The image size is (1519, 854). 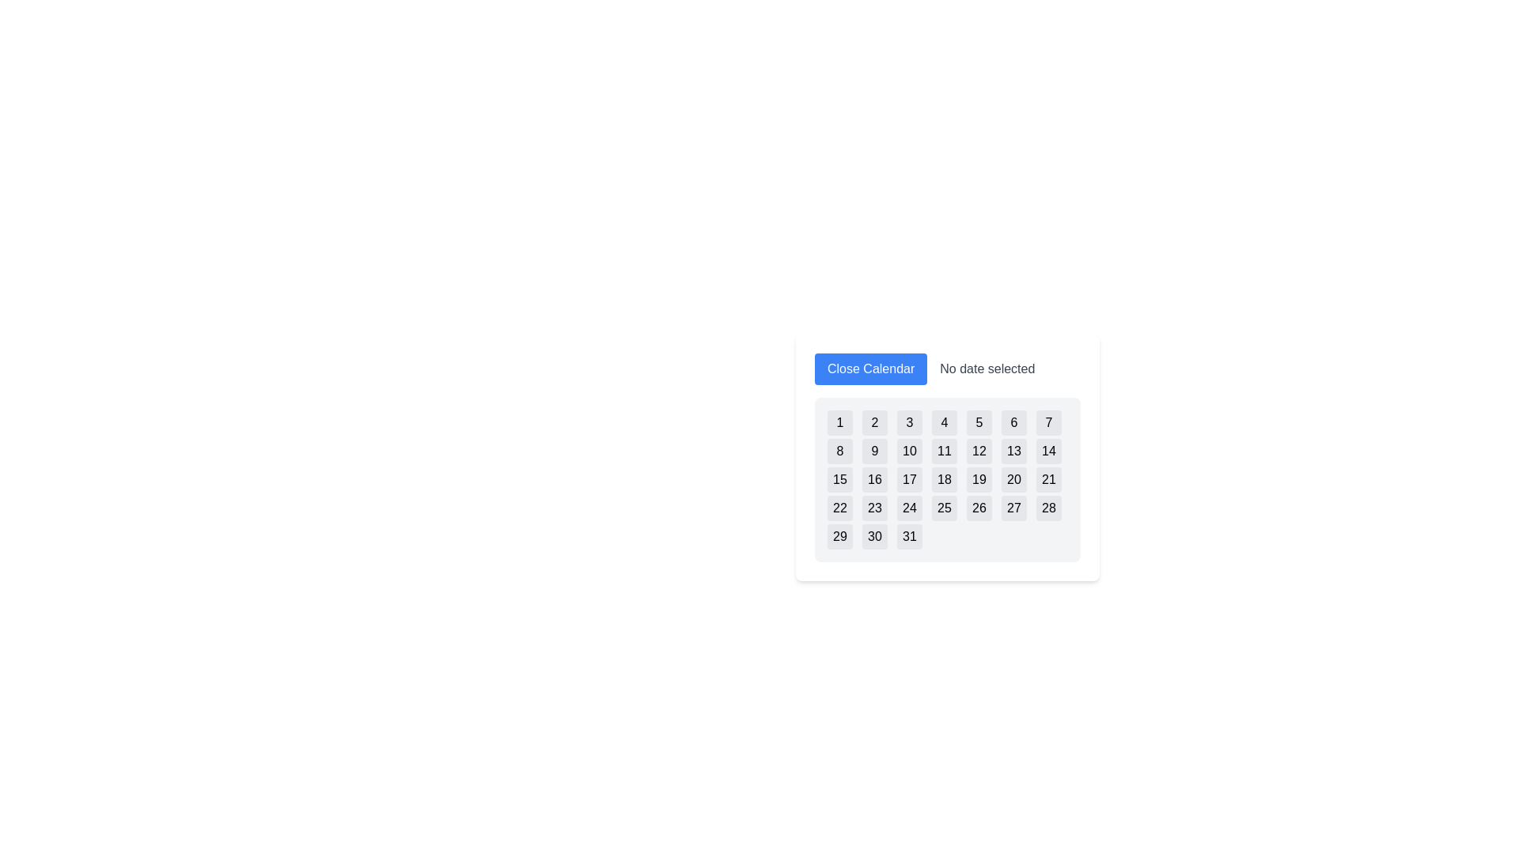 What do you see at coordinates (873, 535) in the screenshot?
I see `the button displaying the number '30' in the last row, second column of the calendar layout` at bounding box center [873, 535].